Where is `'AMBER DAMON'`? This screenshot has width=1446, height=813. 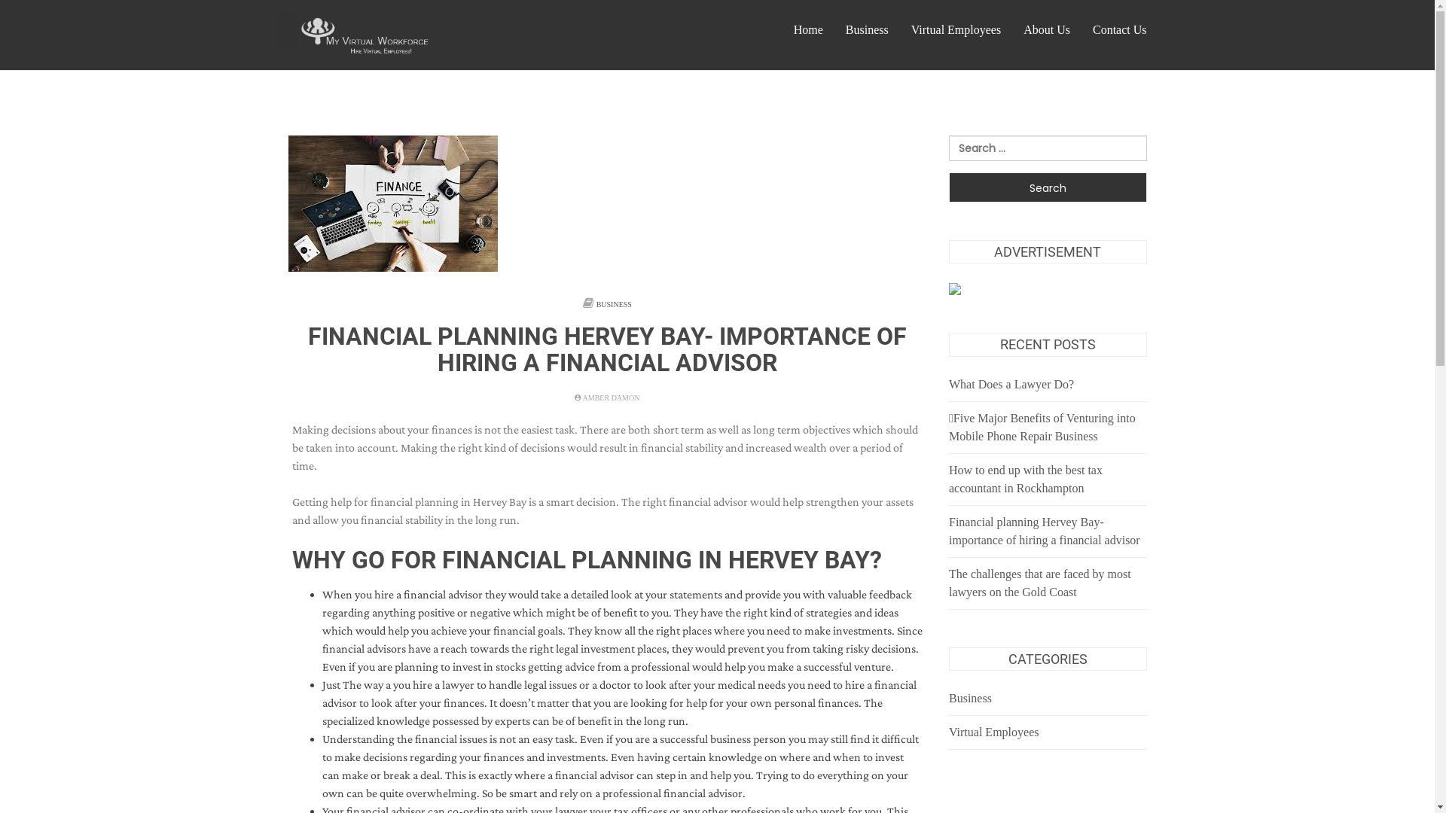
'AMBER DAMON' is located at coordinates (607, 397).